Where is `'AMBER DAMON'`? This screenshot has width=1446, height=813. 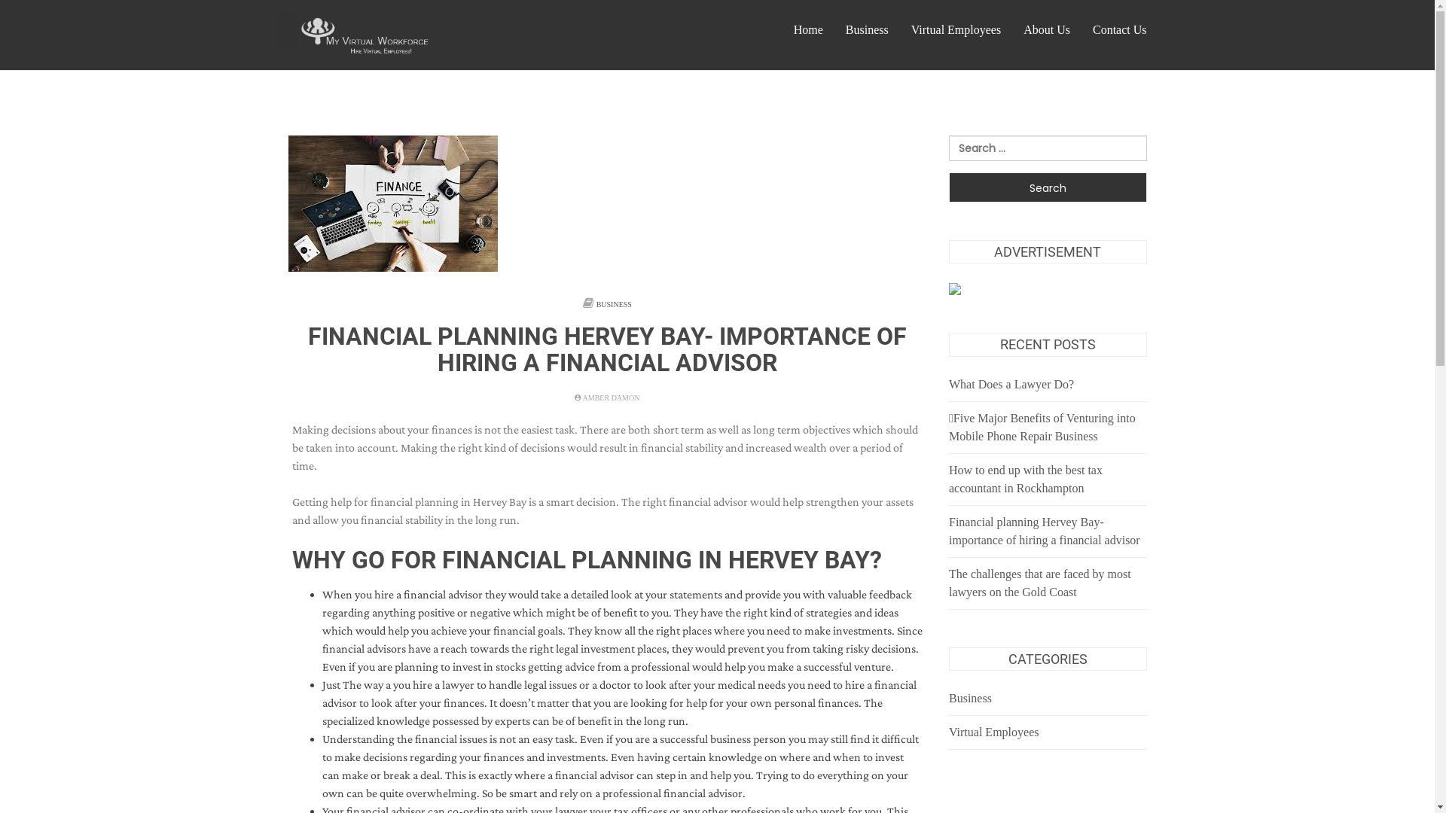
'AMBER DAMON' is located at coordinates (607, 397).